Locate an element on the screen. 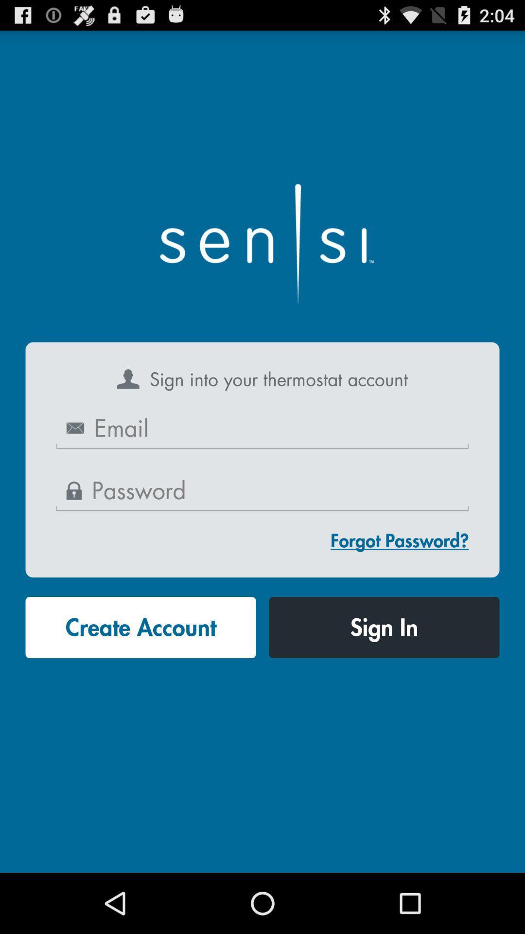  the item to the right of the create account is located at coordinates (384, 628).